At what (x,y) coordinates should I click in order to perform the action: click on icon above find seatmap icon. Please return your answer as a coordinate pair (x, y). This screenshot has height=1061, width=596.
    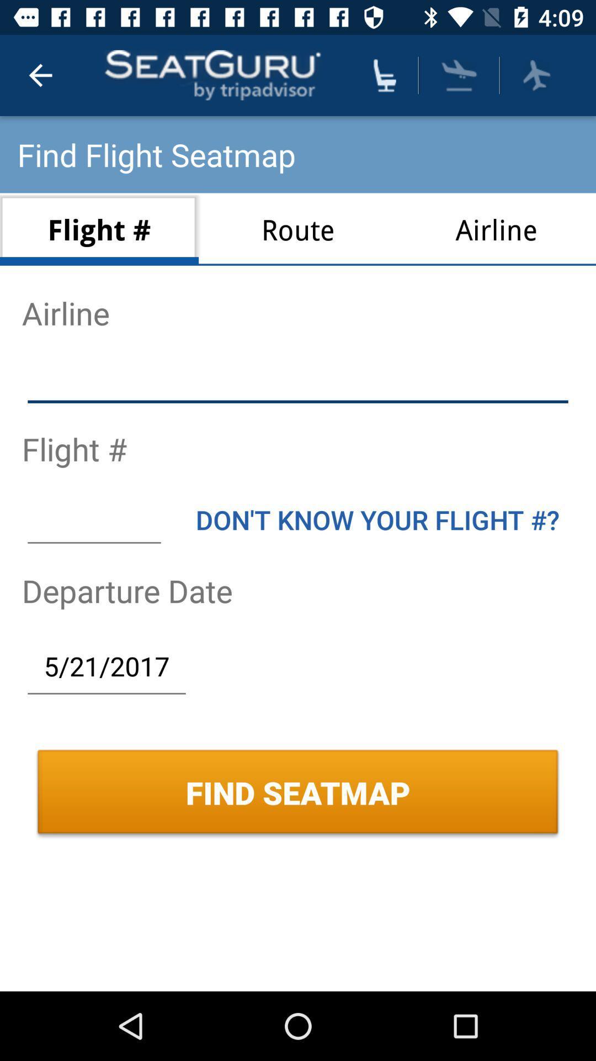
    Looking at the image, I should click on (107, 665).